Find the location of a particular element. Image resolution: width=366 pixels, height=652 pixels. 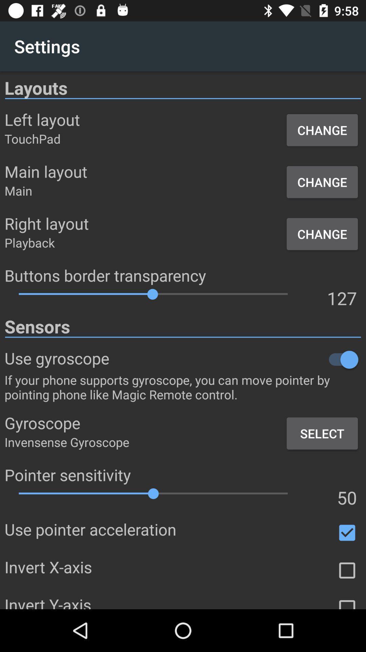

selection option is located at coordinates (347, 570).